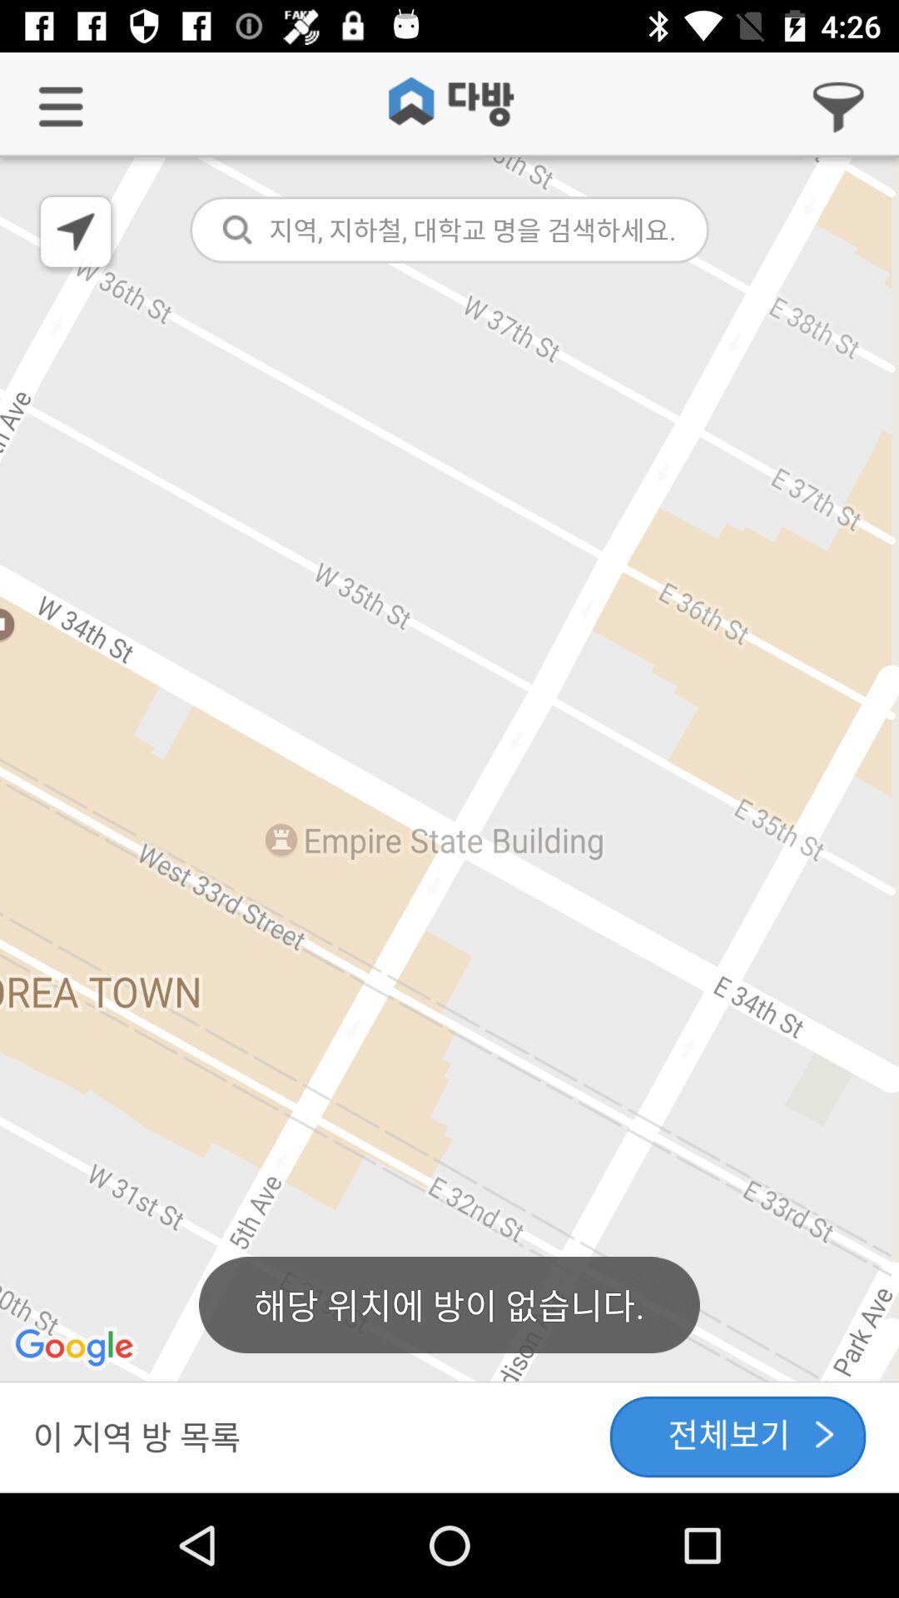 The image size is (899, 1598). I want to click on the navigation icon, so click(77, 233).